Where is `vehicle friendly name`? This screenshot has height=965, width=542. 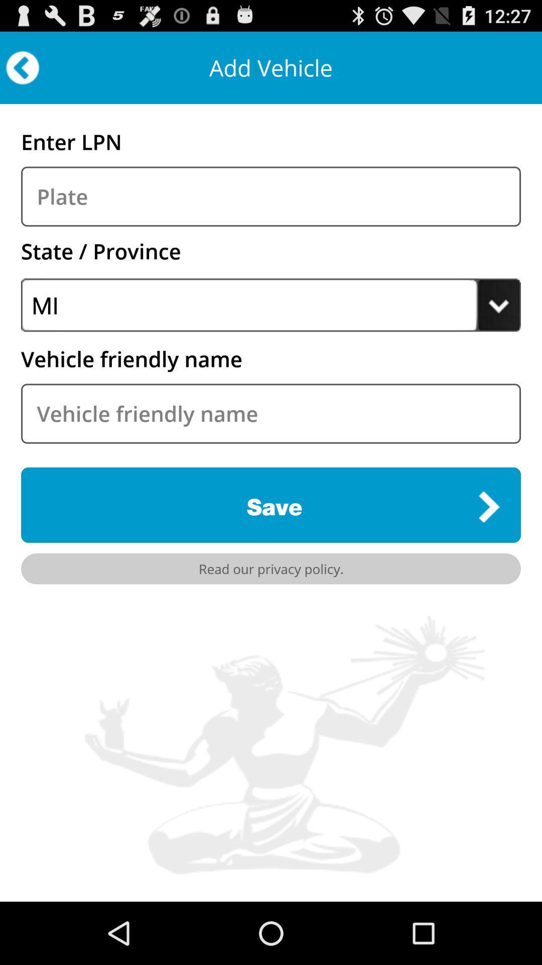
vehicle friendly name is located at coordinates (271, 414).